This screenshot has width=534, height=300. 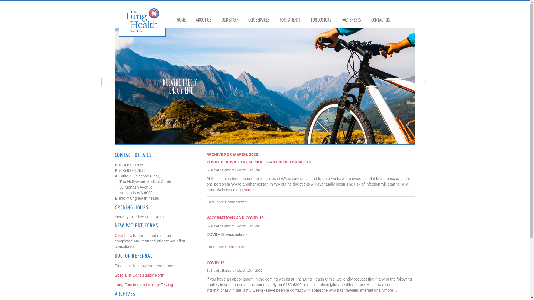 What do you see at coordinates (290, 20) in the screenshot?
I see `'FOR PATIENTS'` at bounding box center [290, 20].